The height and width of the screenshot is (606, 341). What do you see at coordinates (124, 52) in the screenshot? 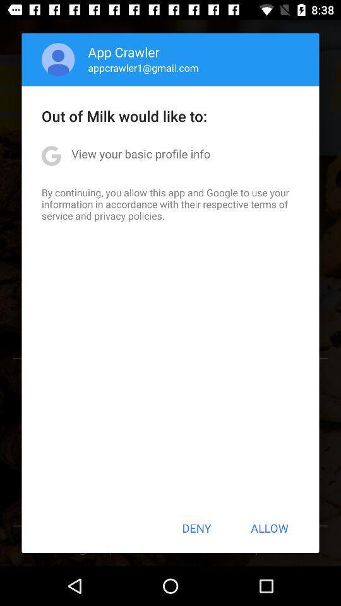
I see `the app crawler item` at bounding box center [124, 52].